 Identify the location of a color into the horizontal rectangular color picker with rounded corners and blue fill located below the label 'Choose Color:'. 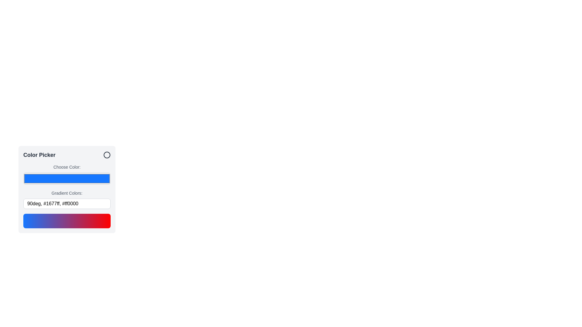
(67, 178).